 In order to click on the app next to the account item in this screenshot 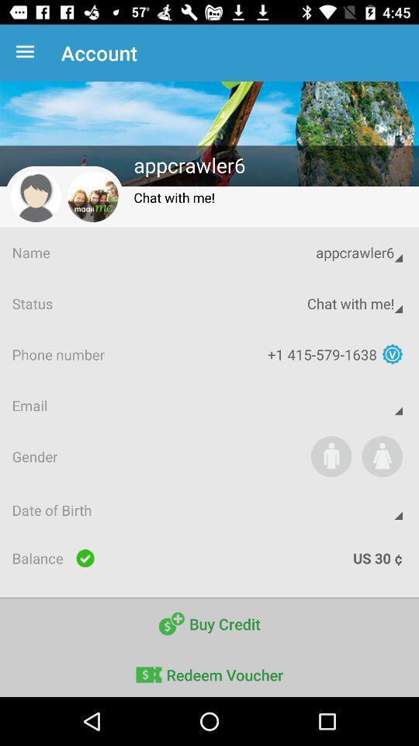, I will do `click(28, 53)`.